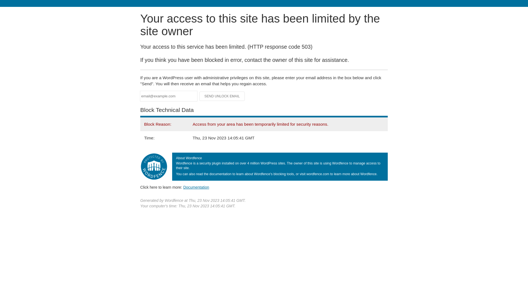 This screenshot has width=528, height=297. Describe the element at coordinates (222, 96) in the screenshot. I see `'Send Unlock Email'` at that location.